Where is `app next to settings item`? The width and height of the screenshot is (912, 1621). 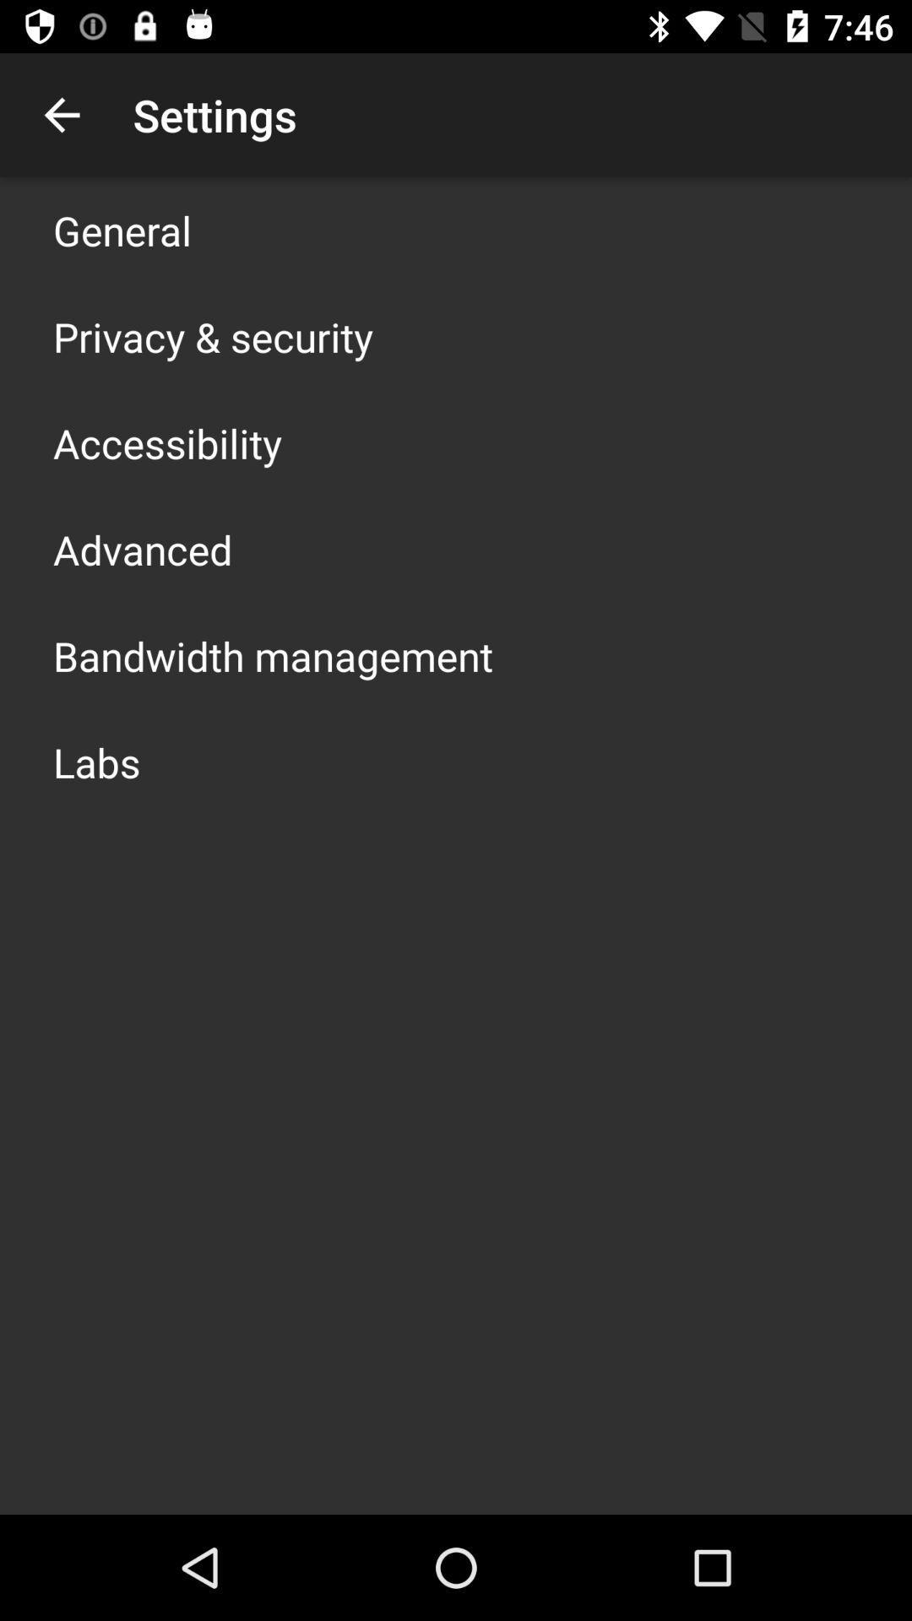
app next to settings item is located at coordinates (61, 114).